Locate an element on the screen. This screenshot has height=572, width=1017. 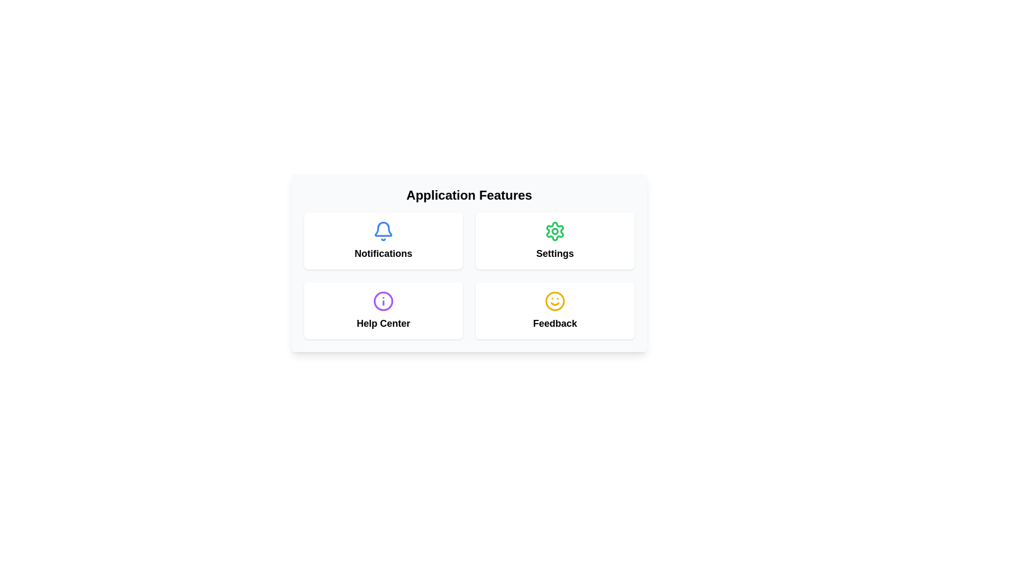
the settings Card located in the top-right quadrant of the interface, which serves as a navigation option is located at coordinates (554, 241).